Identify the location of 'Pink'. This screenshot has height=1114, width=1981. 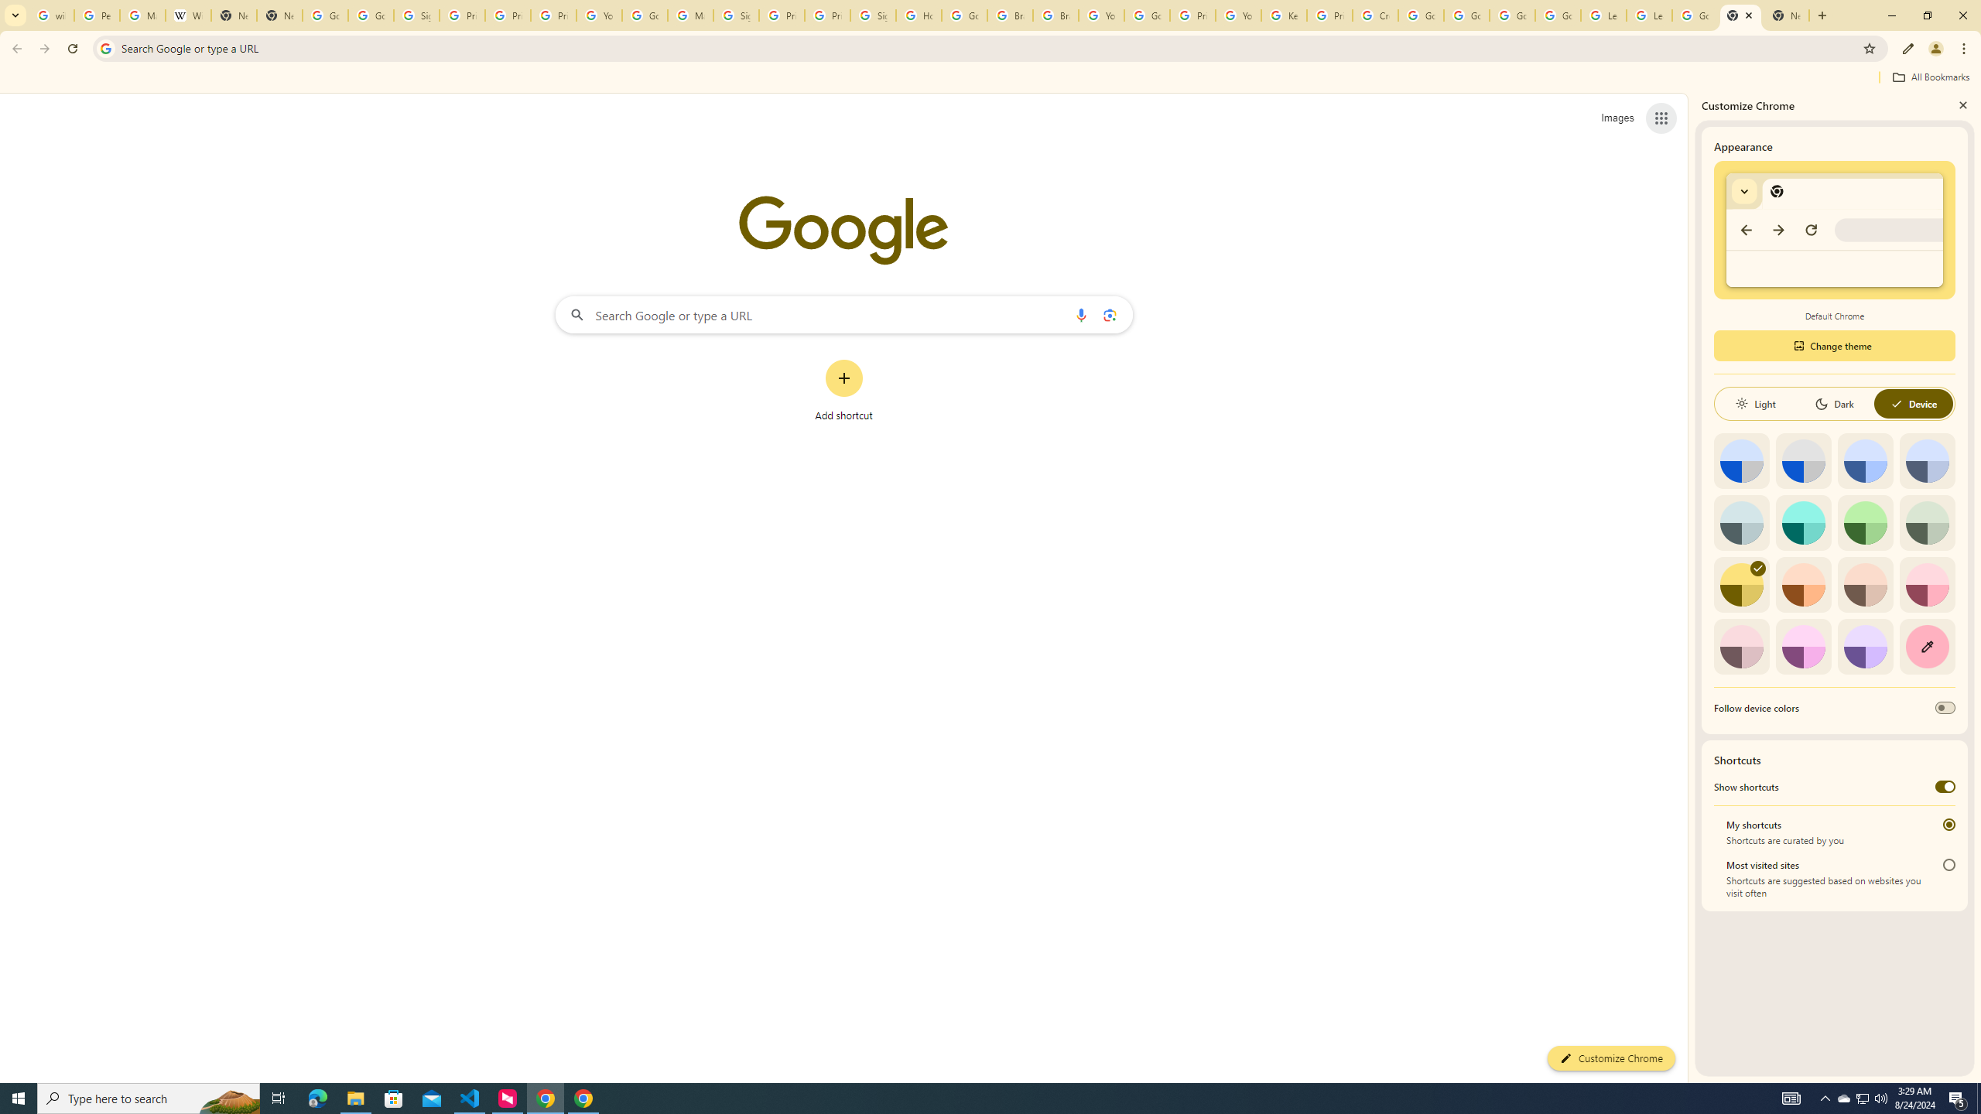
(1741, 646).